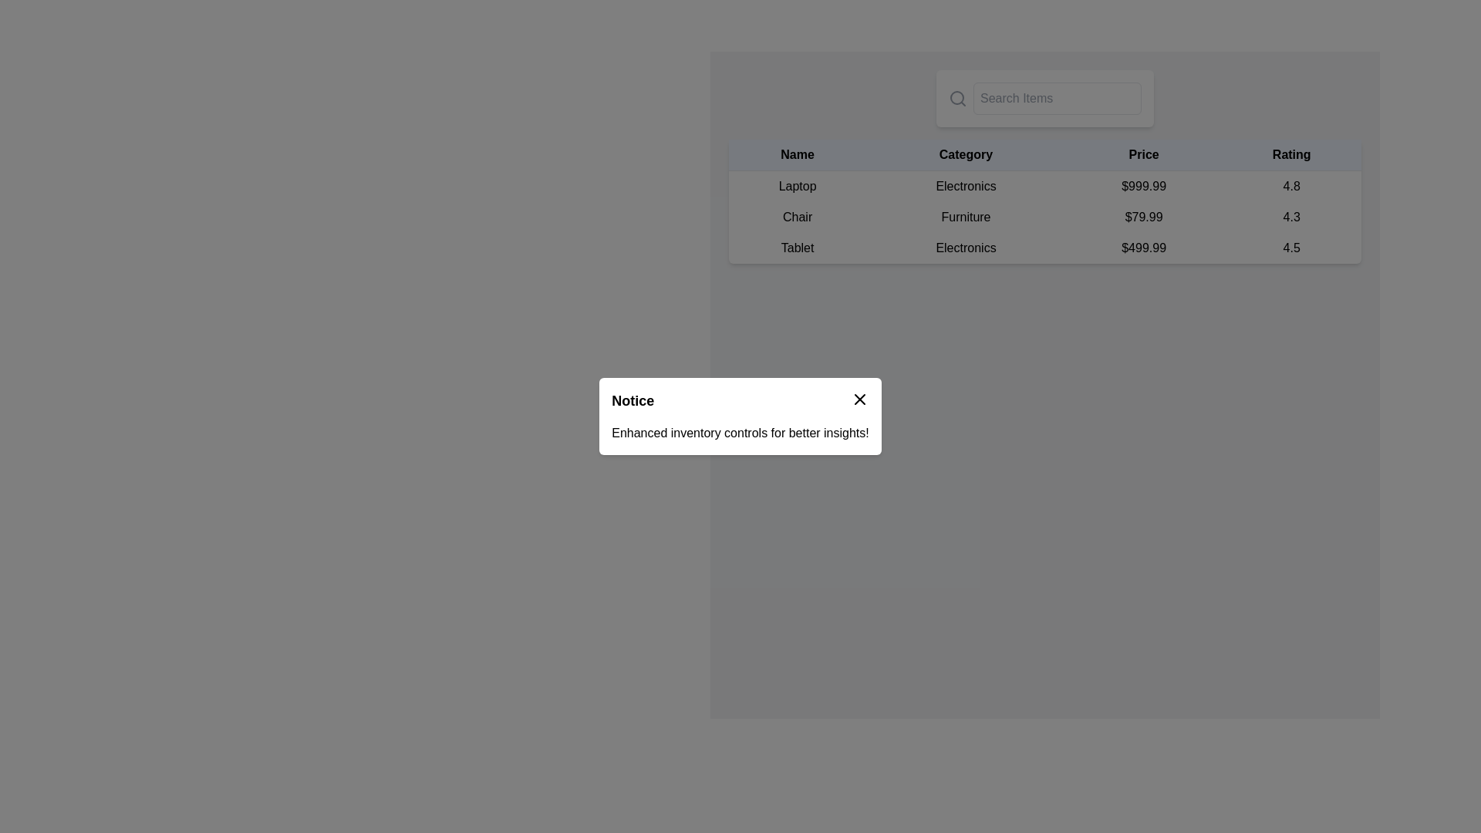 The width and height of the screenshot is (1481, 833). Describe the element at coordinates (798, 217) in the screenshot. I see `the 'Chair' label in the 'Name' column of the table, which is located in the second row of the data display` at that location.